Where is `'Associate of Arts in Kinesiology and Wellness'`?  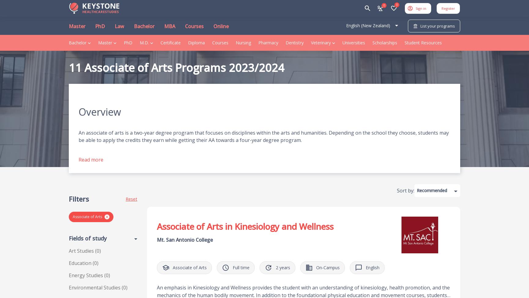
'Associate of Arts in Kinesiology and Wellness' is located at coordinates (245, 226).